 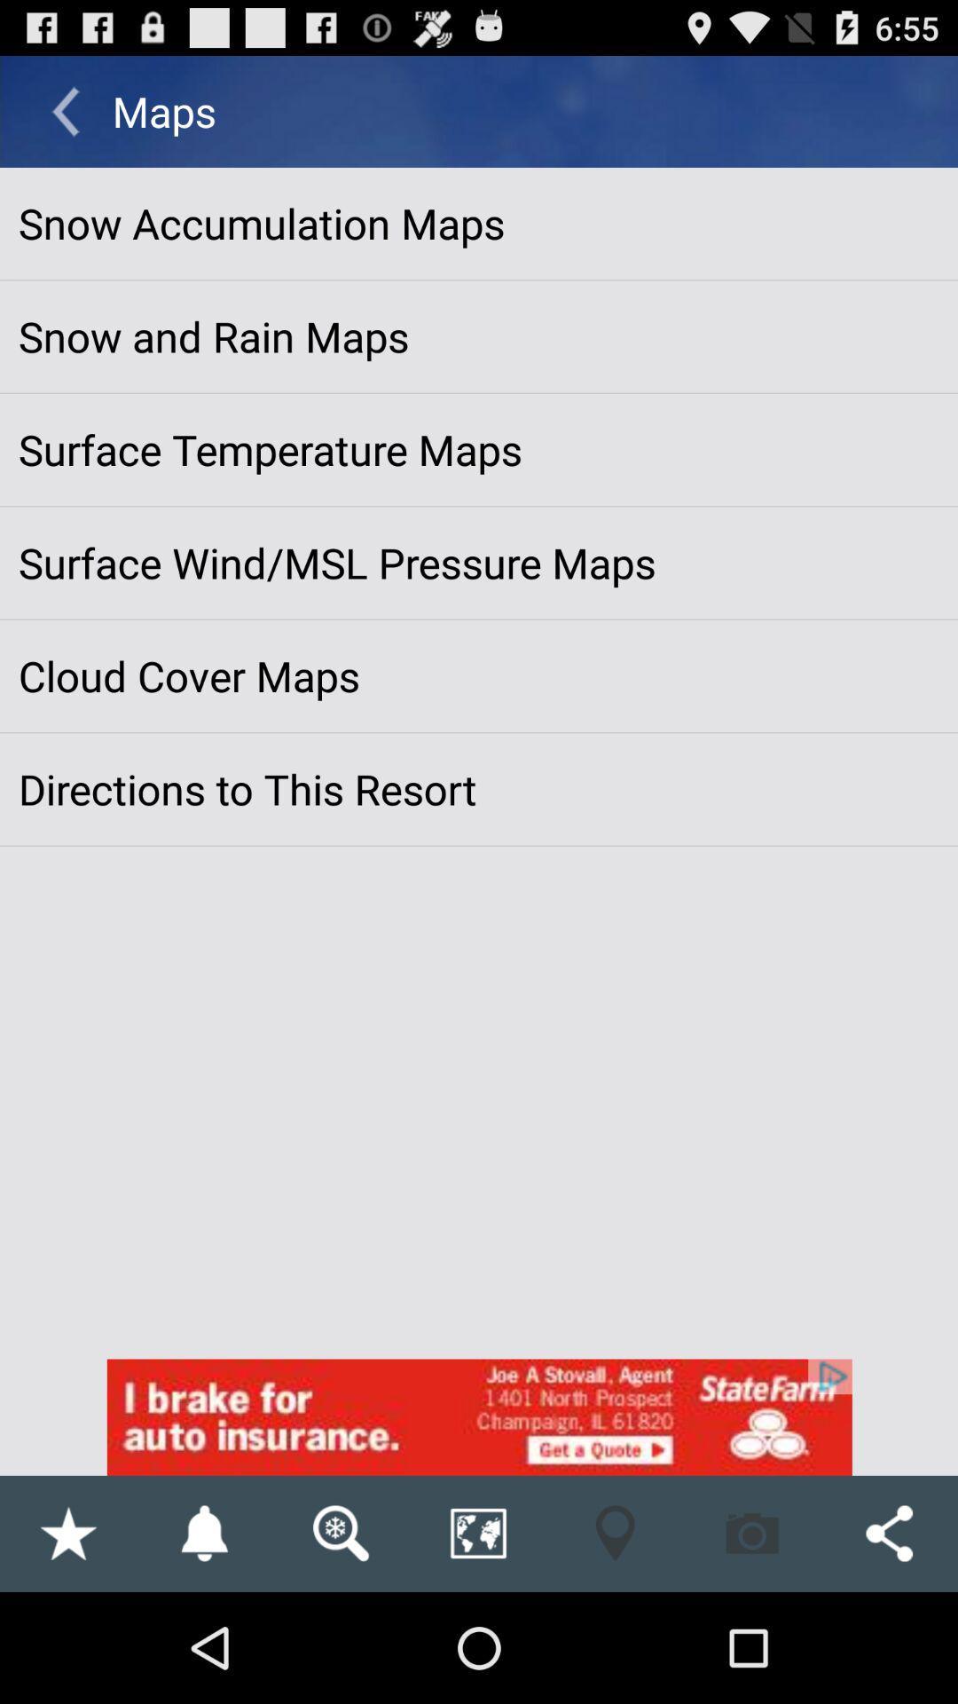 I want to click on taggle to the camera, so click(x=752, y=1533).